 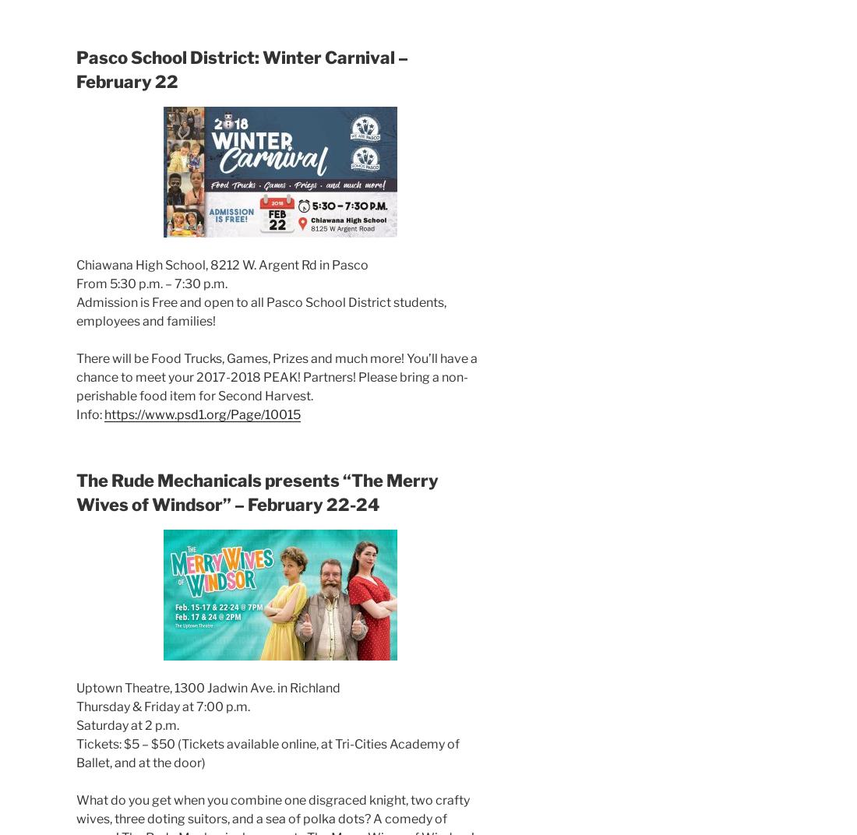 What do you see at coordinates (221, 264) in the screenshot?
I see `'Chiawana High School, 8212 W. Argent Rd in Pasco'` at bounding box center [221, 264].